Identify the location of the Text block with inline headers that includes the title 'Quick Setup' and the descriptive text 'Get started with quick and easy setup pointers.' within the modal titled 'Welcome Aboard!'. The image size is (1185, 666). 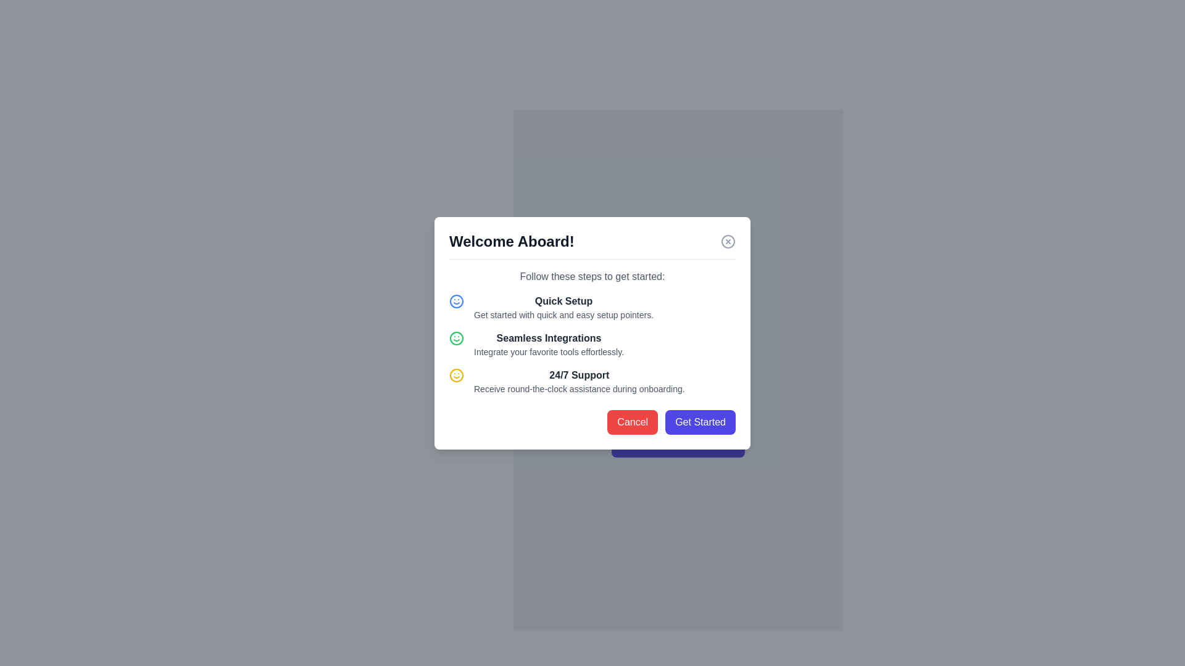
(563, 306).